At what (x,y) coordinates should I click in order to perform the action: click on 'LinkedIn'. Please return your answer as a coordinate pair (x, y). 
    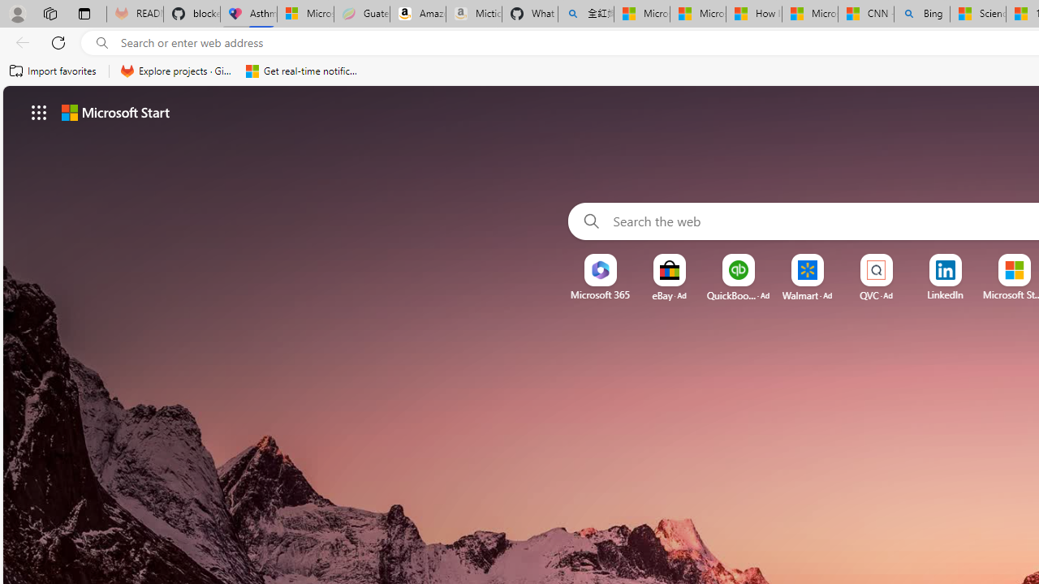
    Looking at the image, I should click on (945, 294).